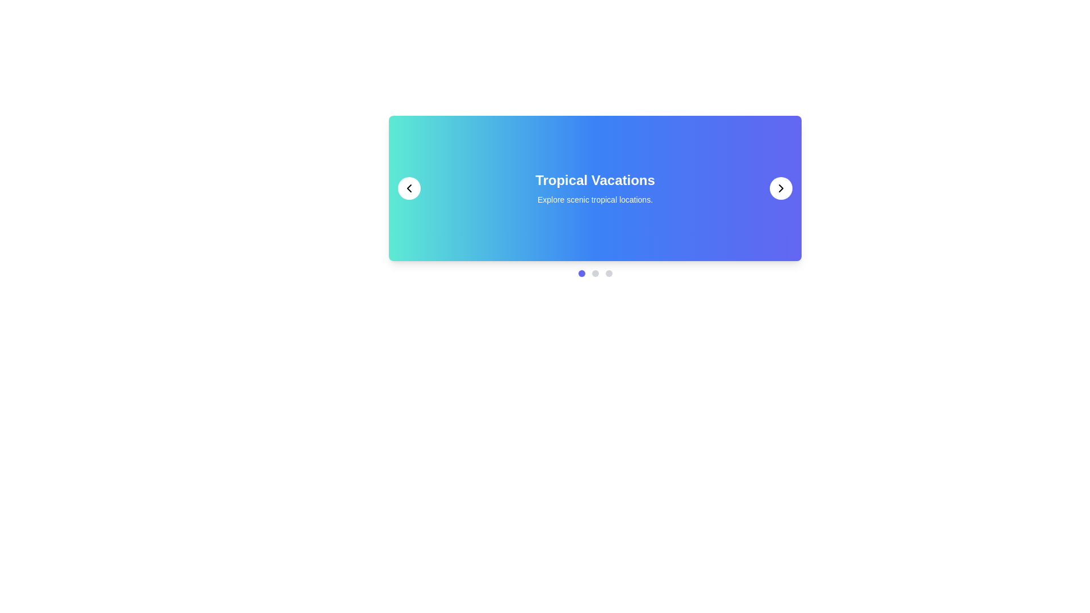  I want to click on the chevron icon within the circular button on the left side of the 'Tropical Vacations' card, so click(409, 187).